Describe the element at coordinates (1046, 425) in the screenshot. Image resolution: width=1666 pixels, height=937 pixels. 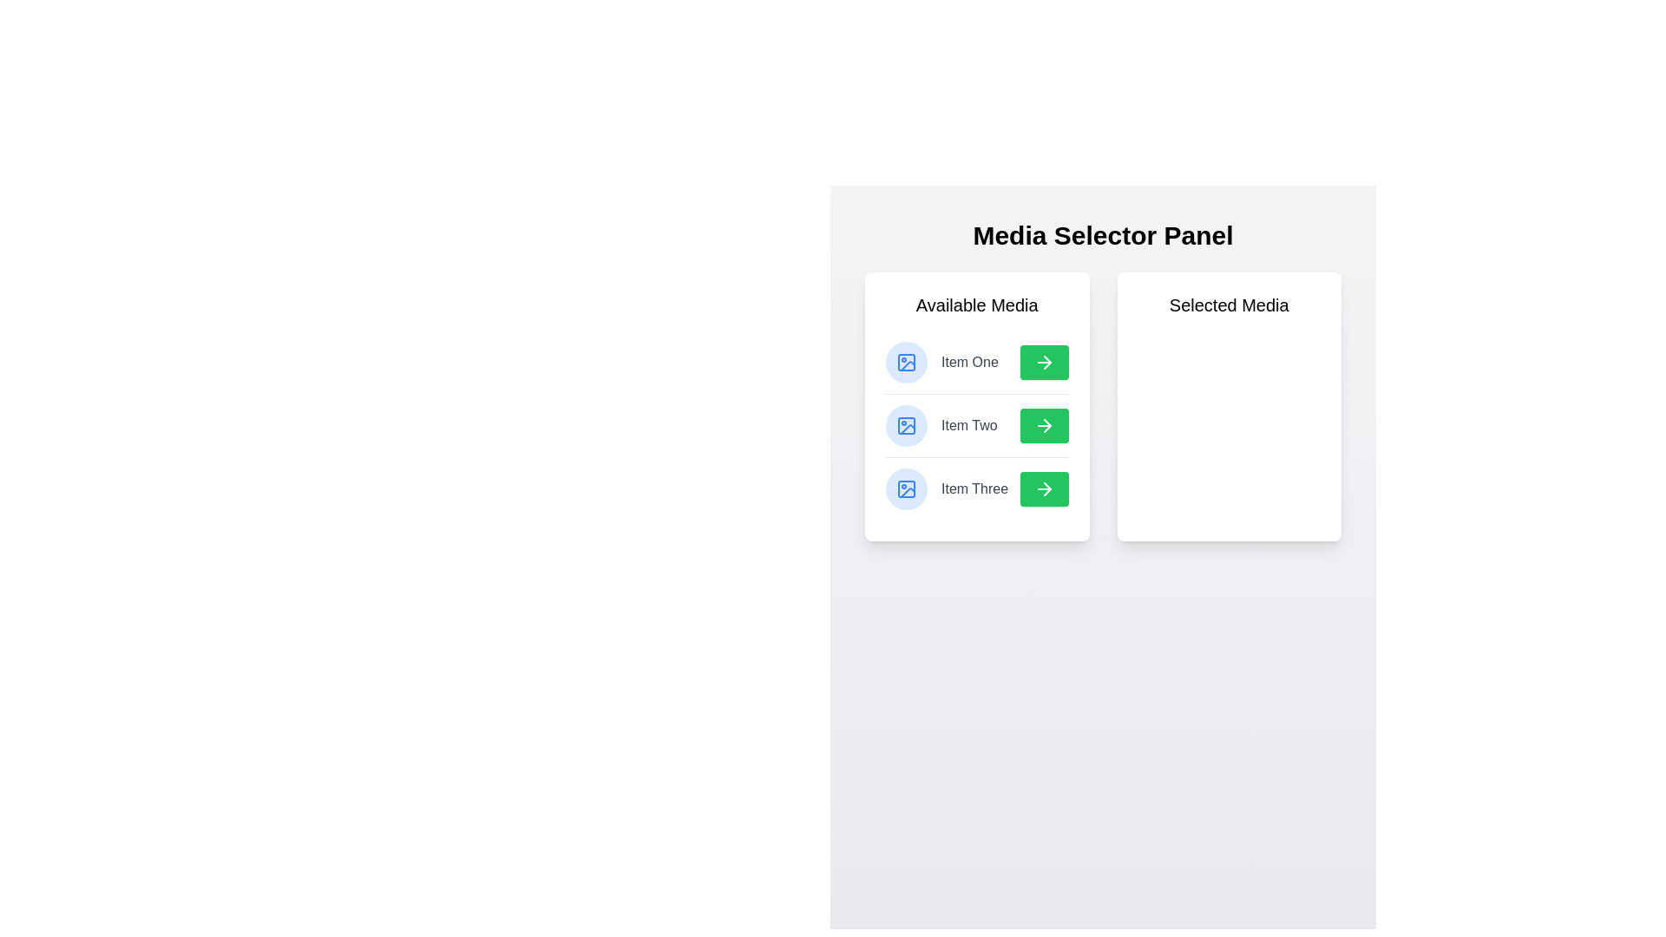
I see `the arrow icon inside the green button in the second row of the 'Available Media' section to potentially receive additional feedback` at that location.